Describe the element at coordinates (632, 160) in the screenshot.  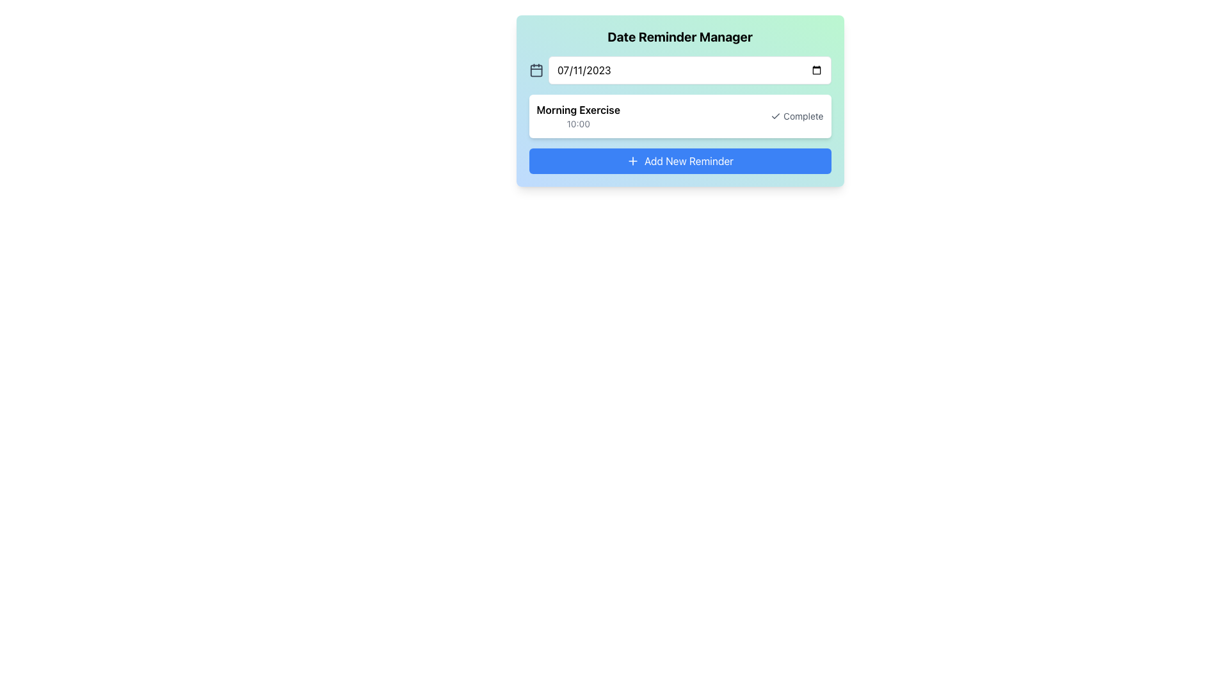
I see `the plus sign icon within the blue rectangular button labeled 'Add New Reminder'` at that location.